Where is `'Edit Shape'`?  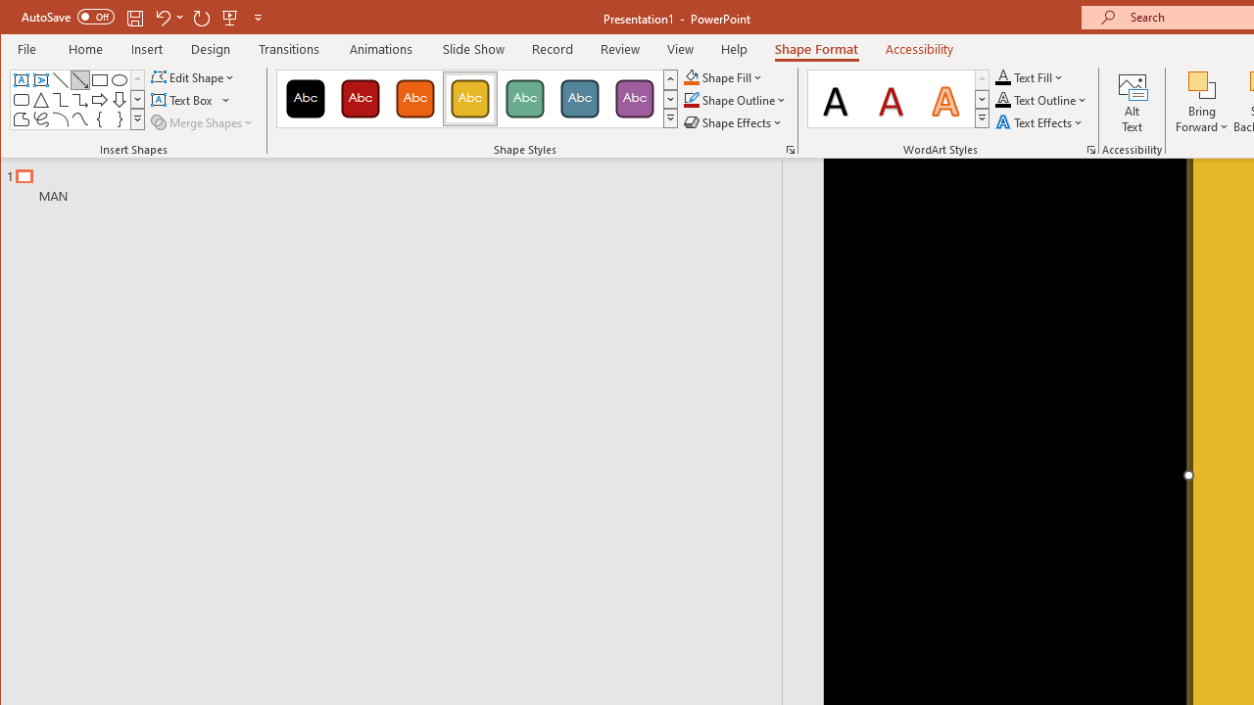
'Edit Shape' is located at coordinates (194, 76).